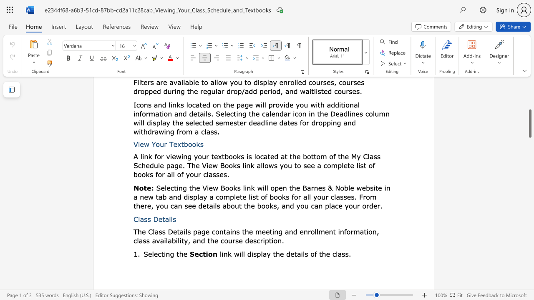  What do you see at coordinates (529, 123) in the screenshot?
I see `the scrollbar and move down 2110 pixels` at bounding box center [529, 123].